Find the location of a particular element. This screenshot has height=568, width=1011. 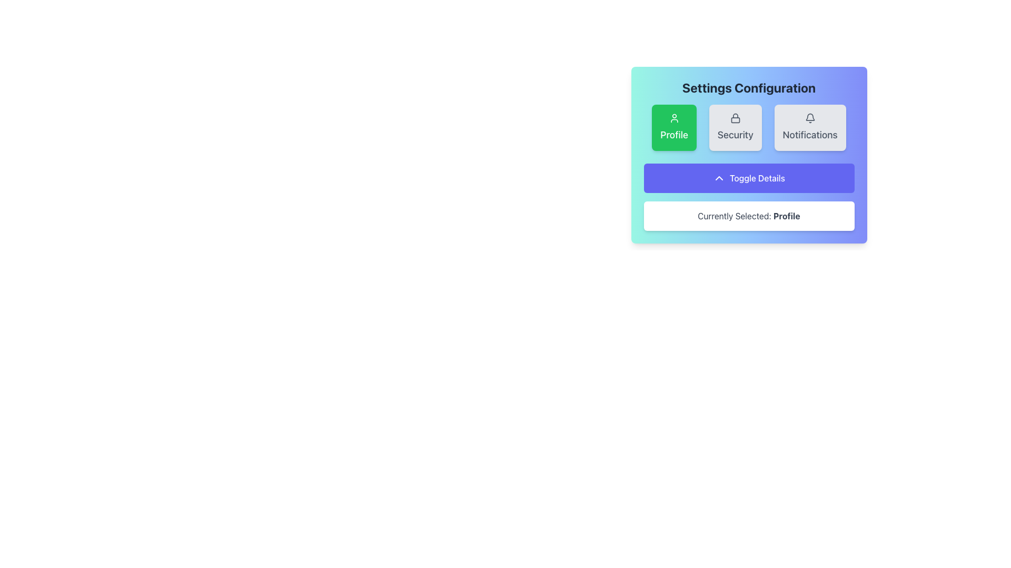

the small rectangular shape with rounded corners that is part of the padlock icon, located in the middle of the 'Security' button is located at coordinates (735, 119).